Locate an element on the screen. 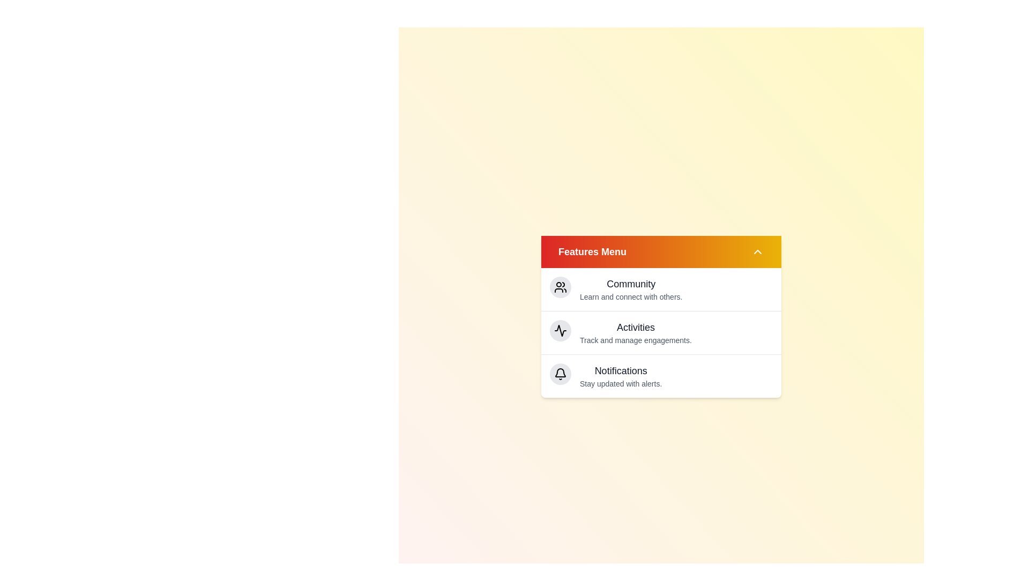  the menu item Notifications from the list is located at coordinates (621, 370).